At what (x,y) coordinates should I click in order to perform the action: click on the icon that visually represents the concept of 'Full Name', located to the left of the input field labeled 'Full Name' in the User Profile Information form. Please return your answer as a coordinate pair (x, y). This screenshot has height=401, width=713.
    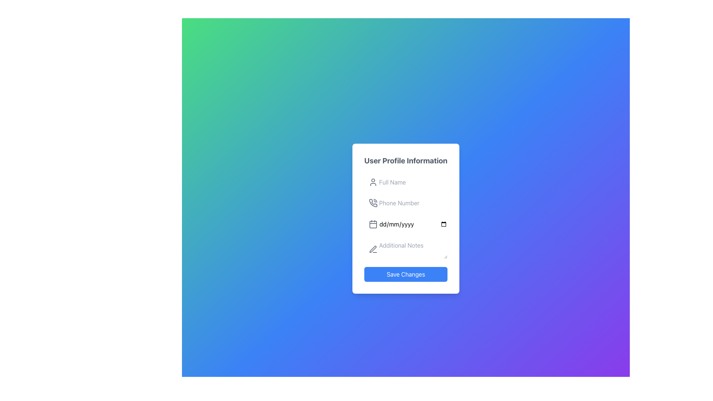
    Looking at the image, I should click on (373, 182).